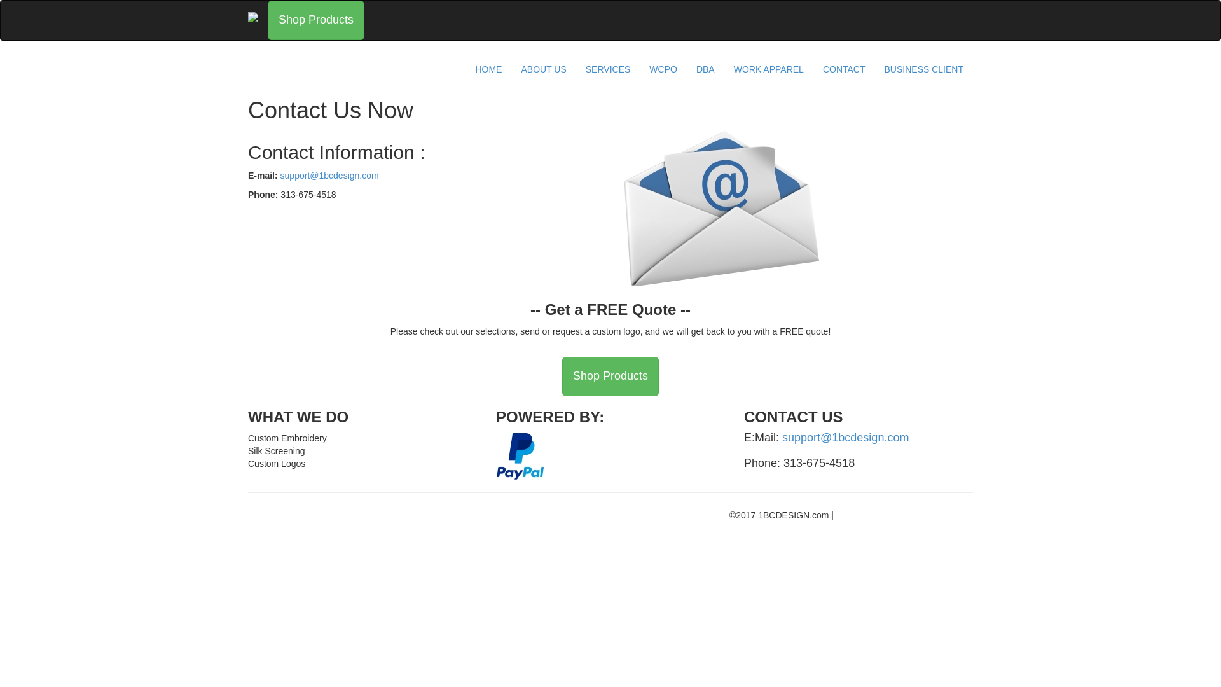 The height and width of the screenshot is (687, 1221). I want to click on 'Shop Products', so click(316, 20).